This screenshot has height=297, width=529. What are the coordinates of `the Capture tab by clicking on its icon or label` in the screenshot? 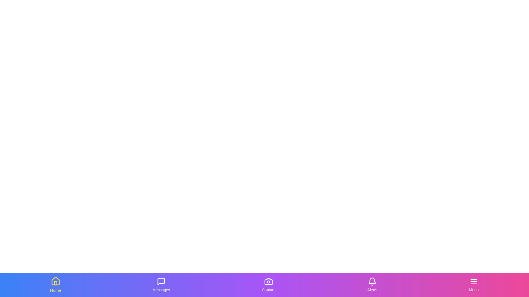 It's located at (269, 285).